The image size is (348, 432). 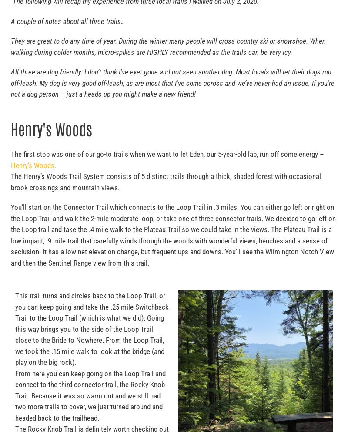 What do you see at coordinates (173, 235) in the screenshot?
I see `'You’ll start on the Connector Trail which connects to the Loop Trail in .3 miles. You can either go left or right on the Loop Trail and walk the 2-mile moderate loop, or take one of three connector trails. We decided to go left on the Loop trail and take the .4 mile walk to the Plateau Trail so we could take in the views. The Plateau Trail is a low impact, .9 mile trail that carefully winds through the woods with wonderful views, benches and a sense of seclusion. It has a low net elevation change, but frequent ups and downs. You’ll see the Wilmington Notch View and then the Sentinel Range view from this trail.'` at bounding box center [173, 235].